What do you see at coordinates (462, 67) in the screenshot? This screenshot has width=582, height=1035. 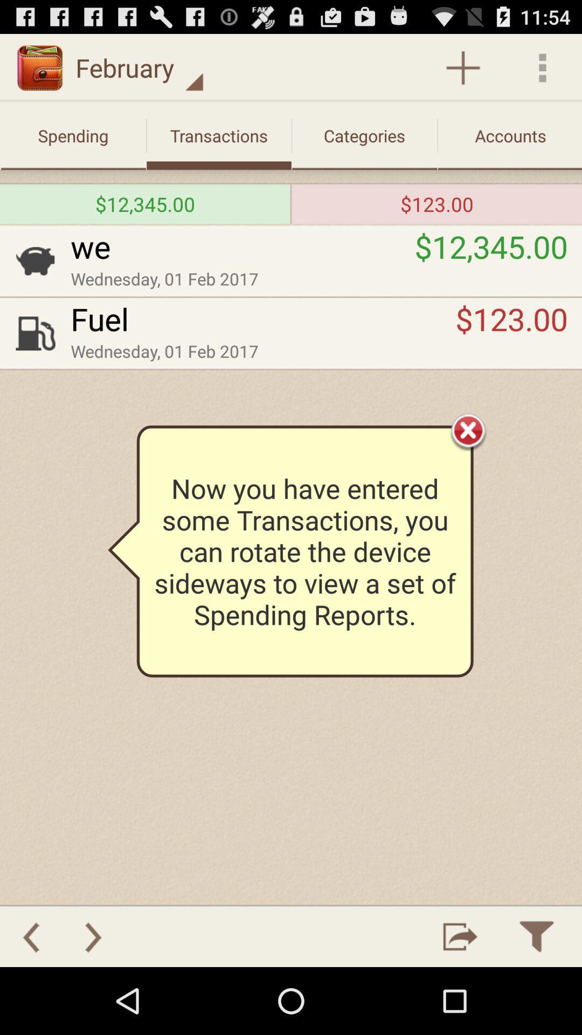 I see `item above the accounts item` at bounding box center [462, 67].